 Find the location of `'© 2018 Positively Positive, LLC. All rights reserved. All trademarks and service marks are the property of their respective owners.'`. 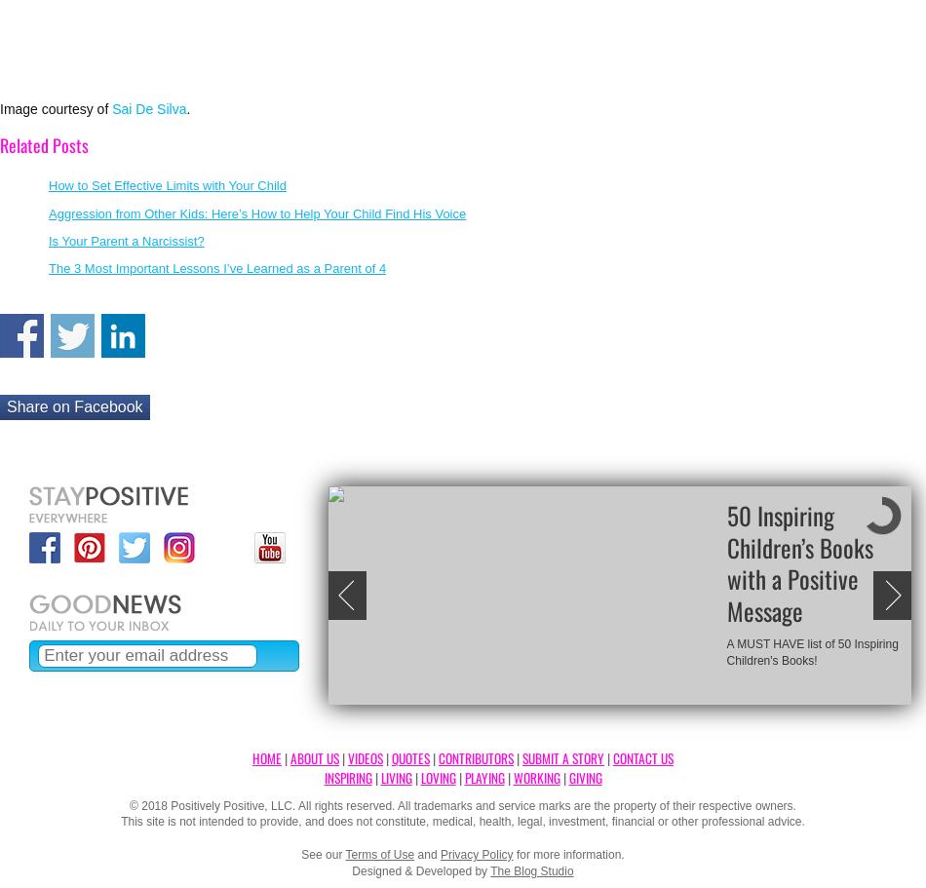

'© 2018 Positively Positive, LLC. All rights reserved. All trademarks and service marks are the property of their respective owners.' is located at coordinates (461, 804).